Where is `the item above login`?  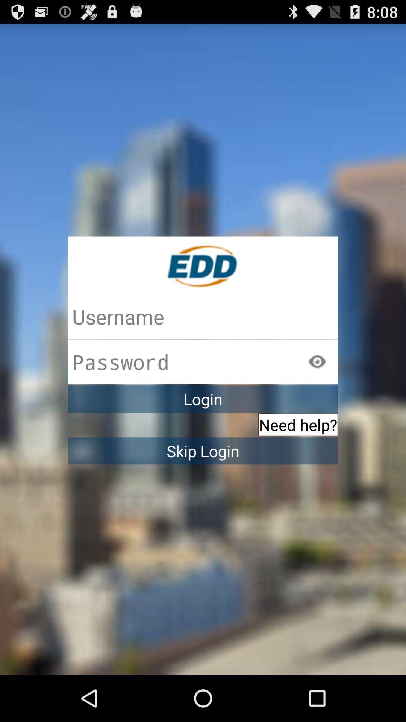
the item above login is located at coordinates (317, 361).